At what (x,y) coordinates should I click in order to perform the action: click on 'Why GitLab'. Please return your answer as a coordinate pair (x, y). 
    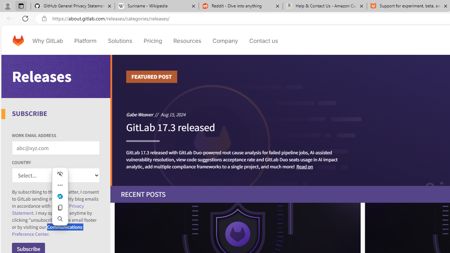
    Looking at the image, I should click on (47, 40).